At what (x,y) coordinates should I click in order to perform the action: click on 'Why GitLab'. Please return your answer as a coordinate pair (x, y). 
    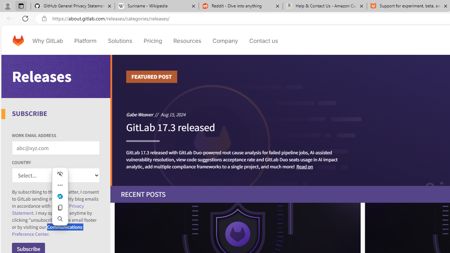
    Looking at the image, I should click on (47, 40).